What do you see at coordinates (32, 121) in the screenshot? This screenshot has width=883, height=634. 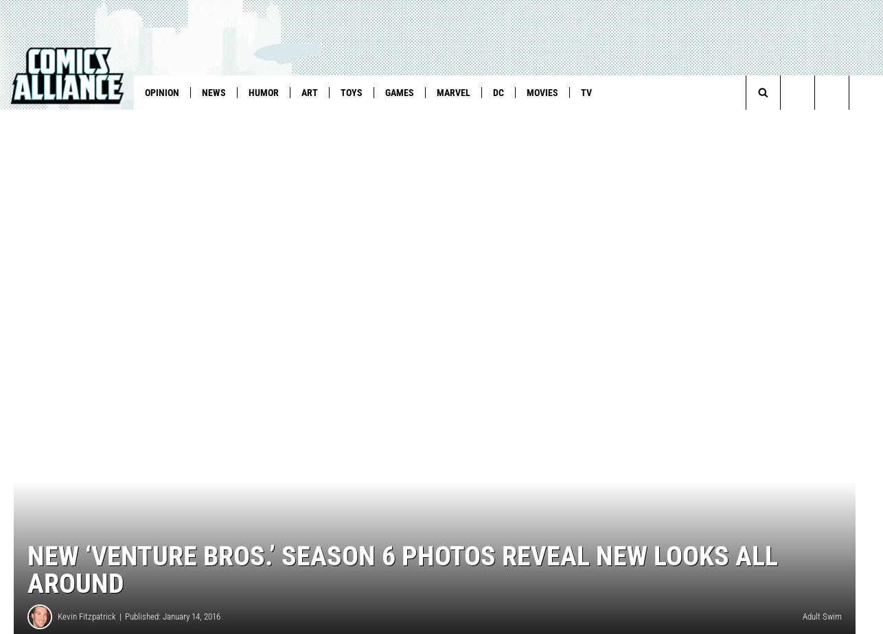 I see `'Trending:'` at bounding box center [32, 121].